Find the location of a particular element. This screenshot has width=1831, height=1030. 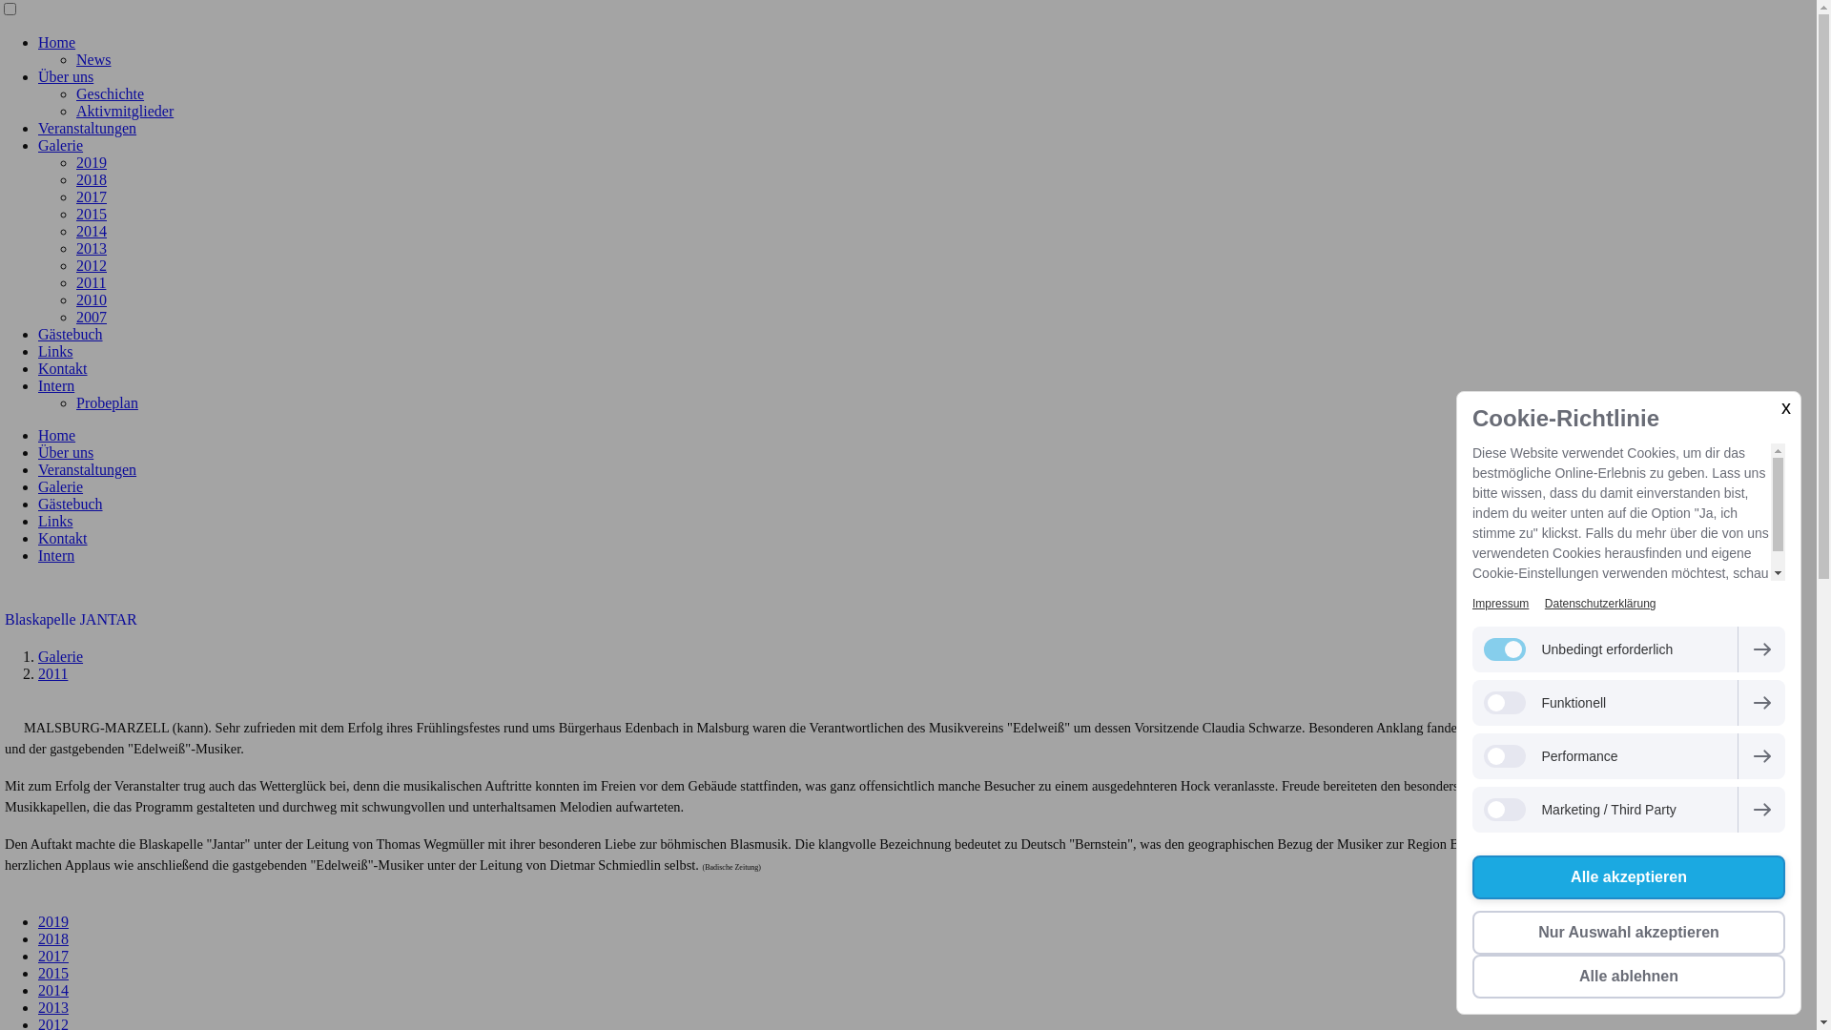

'2007' is located at coordinates (76, 316).